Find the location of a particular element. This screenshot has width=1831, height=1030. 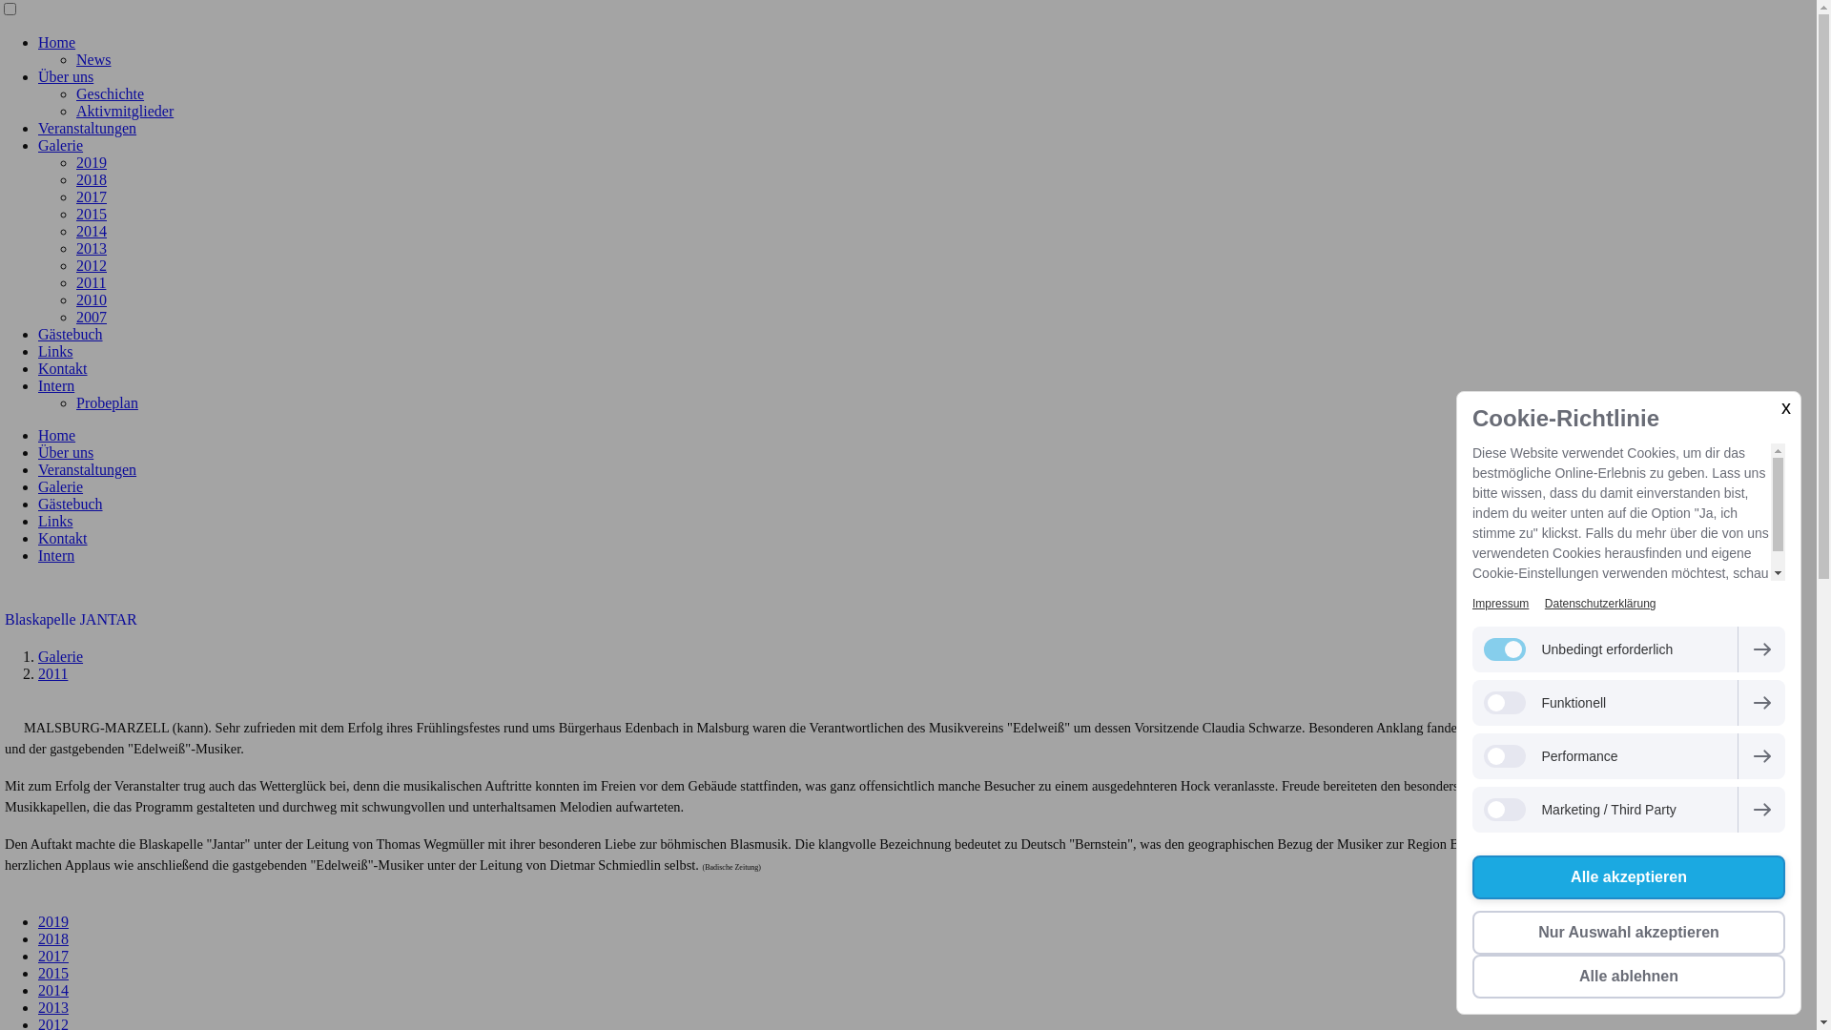

'2007' is located at coordinates (76, 316).